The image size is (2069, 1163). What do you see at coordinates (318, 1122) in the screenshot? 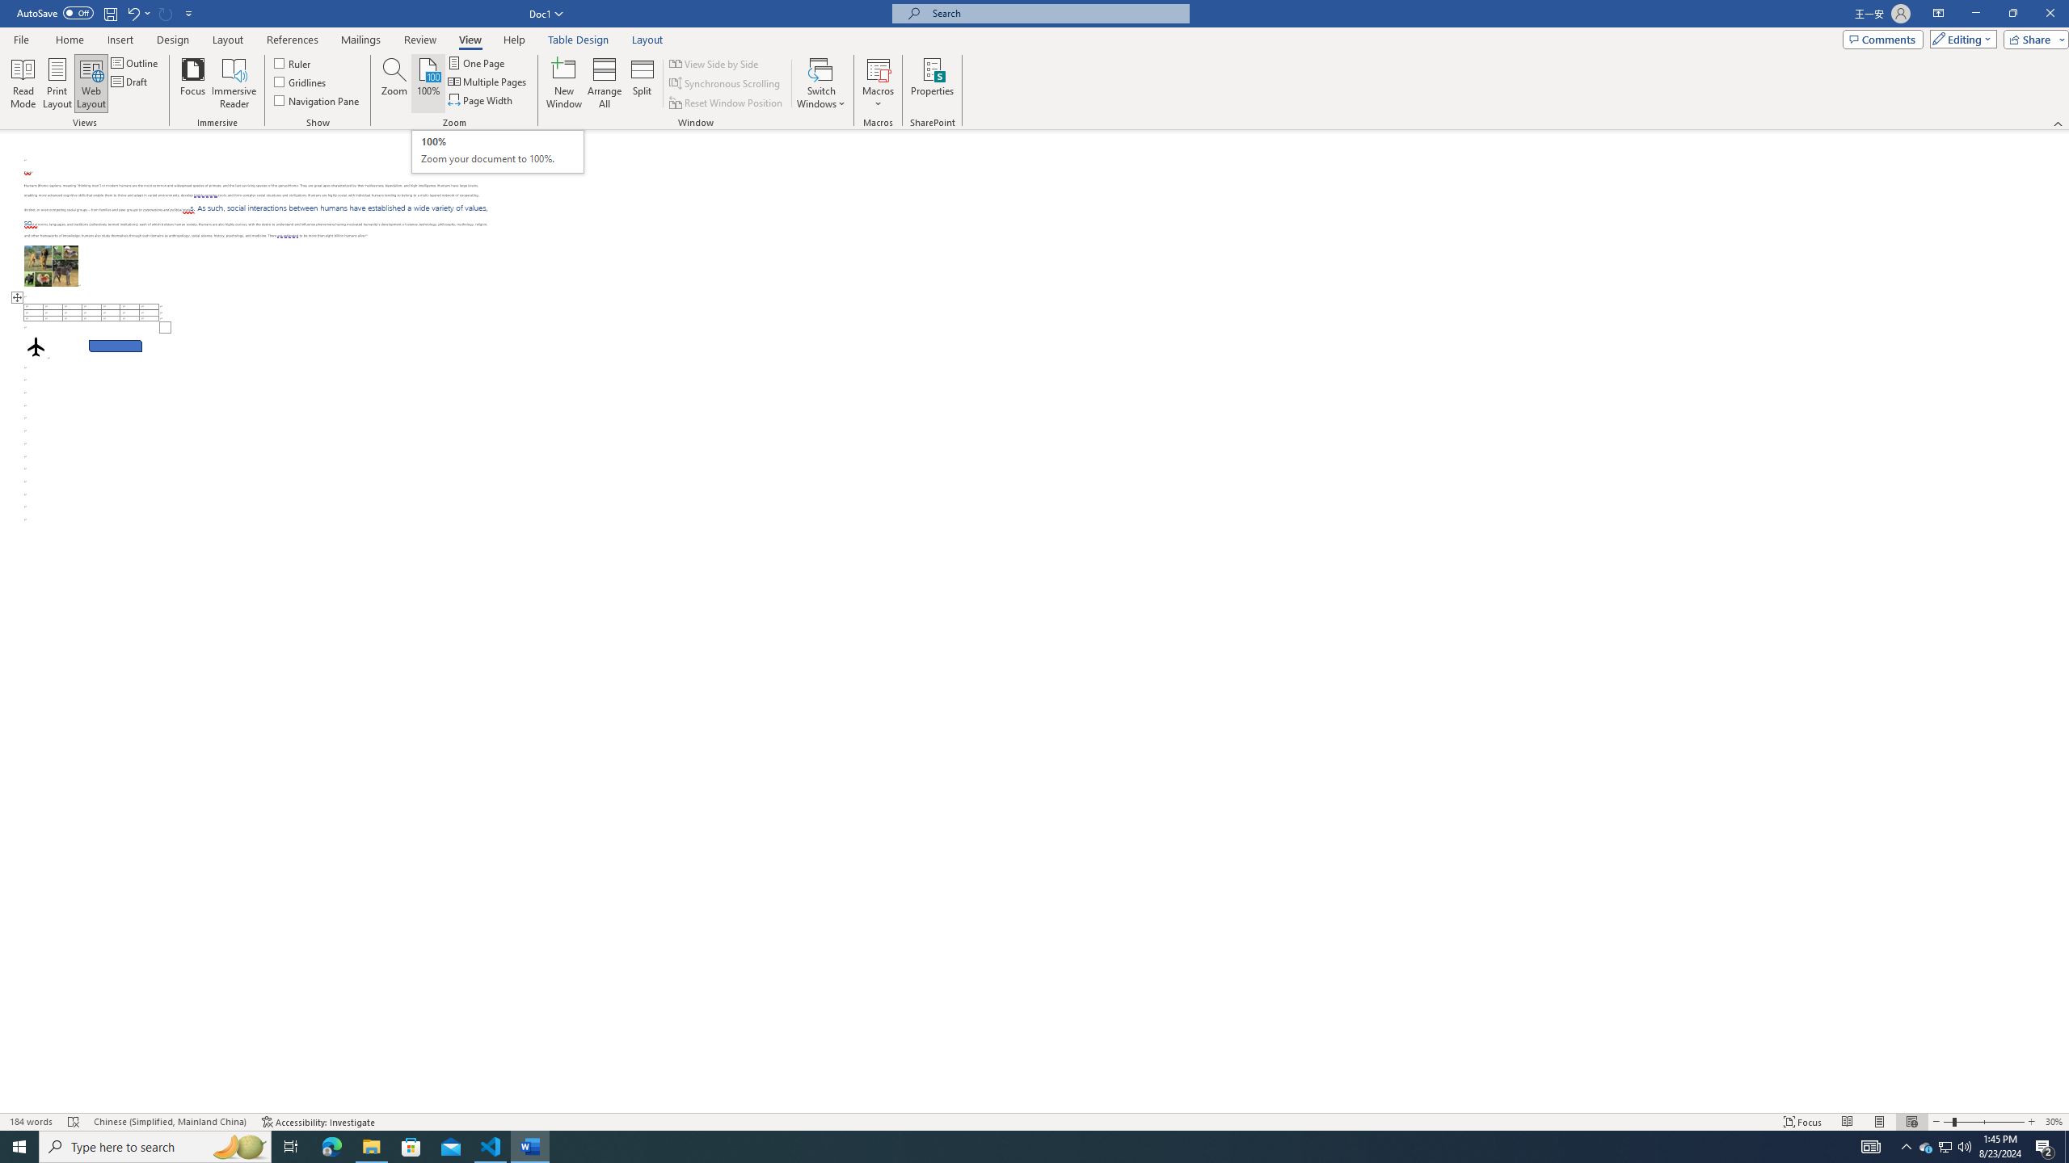
I see `'Accessibility Checker Accessibility: Investigate'` at bounding box center [318, 1122].